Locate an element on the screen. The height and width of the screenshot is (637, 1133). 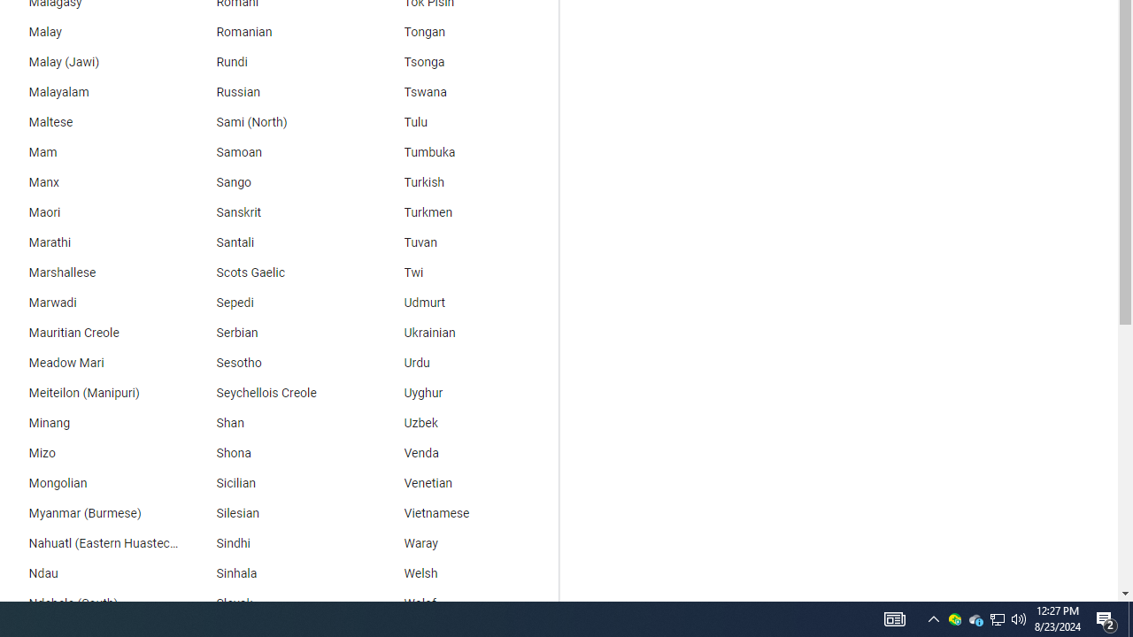
'Samoan' is located at coordinates (275, 151).